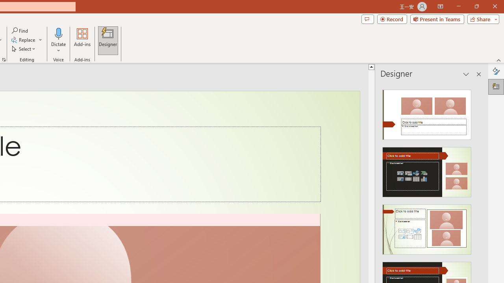  Describe the element at coordinates (458, 6) in the screenshot. I see `'Minimize'` at that location.